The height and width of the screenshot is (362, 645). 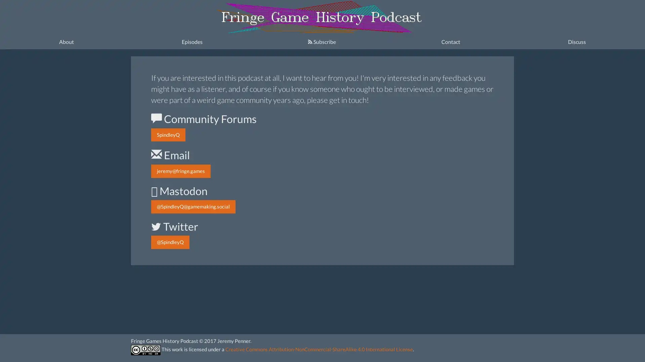 What do you see at coordinates (181, 171) in the screenshot?
I see `jeremy@fringe.games` at bounding box center [181, 171].